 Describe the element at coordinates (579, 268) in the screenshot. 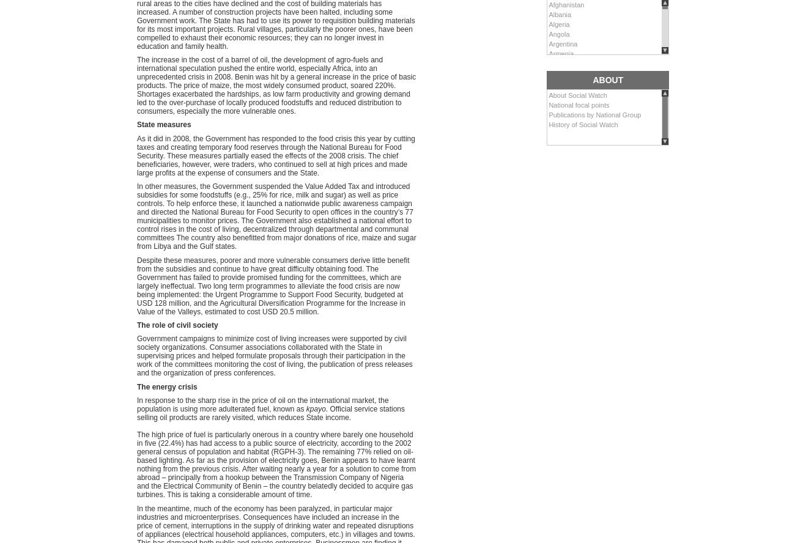

I see `'Dominican Republic'` at that location.